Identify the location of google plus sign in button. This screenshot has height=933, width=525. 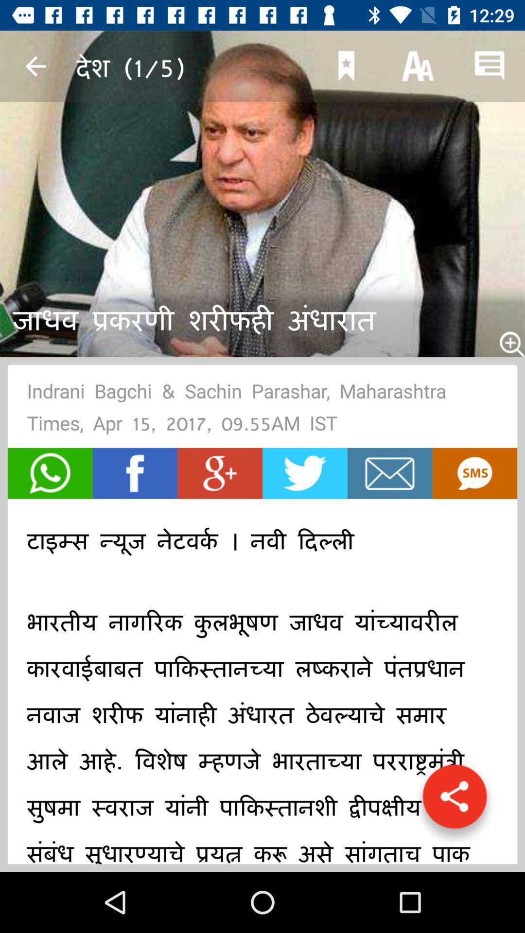
(220, 473).